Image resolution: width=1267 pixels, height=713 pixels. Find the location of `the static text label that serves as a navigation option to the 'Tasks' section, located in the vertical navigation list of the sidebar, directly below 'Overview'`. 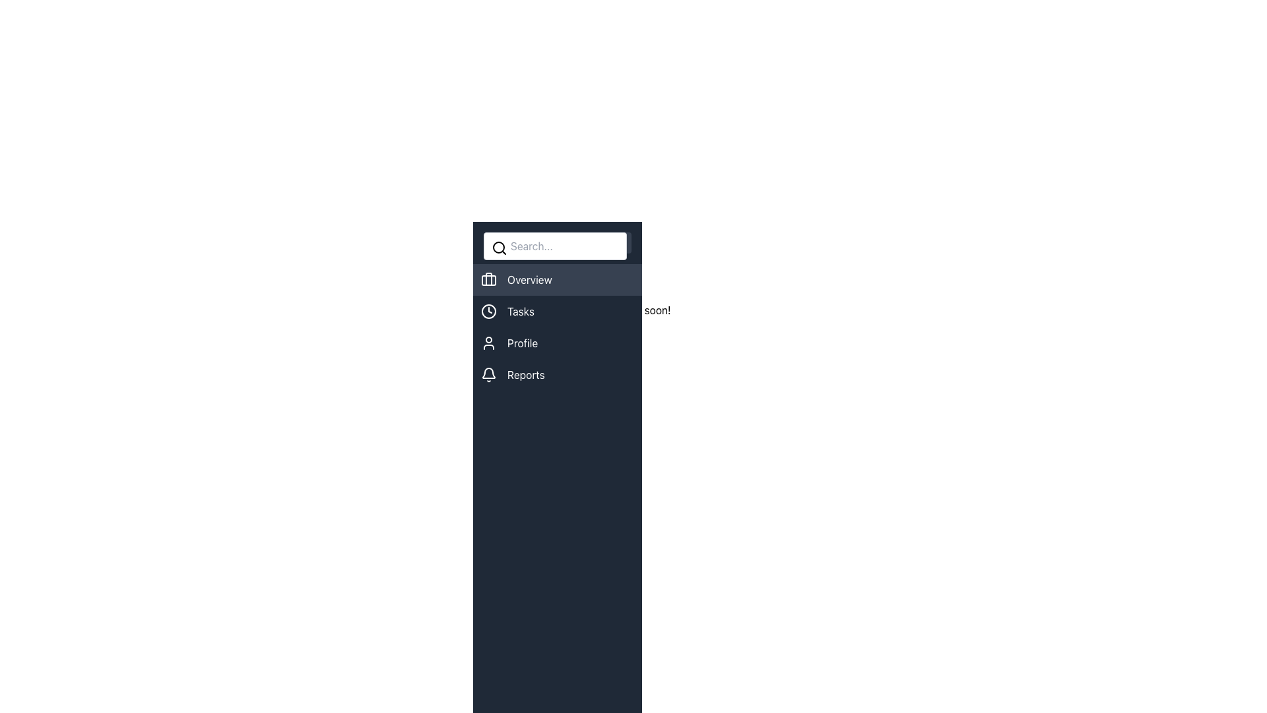

the static text label that serves as a navigation option to the 'Tasks' section, located in the vertical navigation list of the sidebar, directly below 'Overview' is located at coordinates (520, 311).